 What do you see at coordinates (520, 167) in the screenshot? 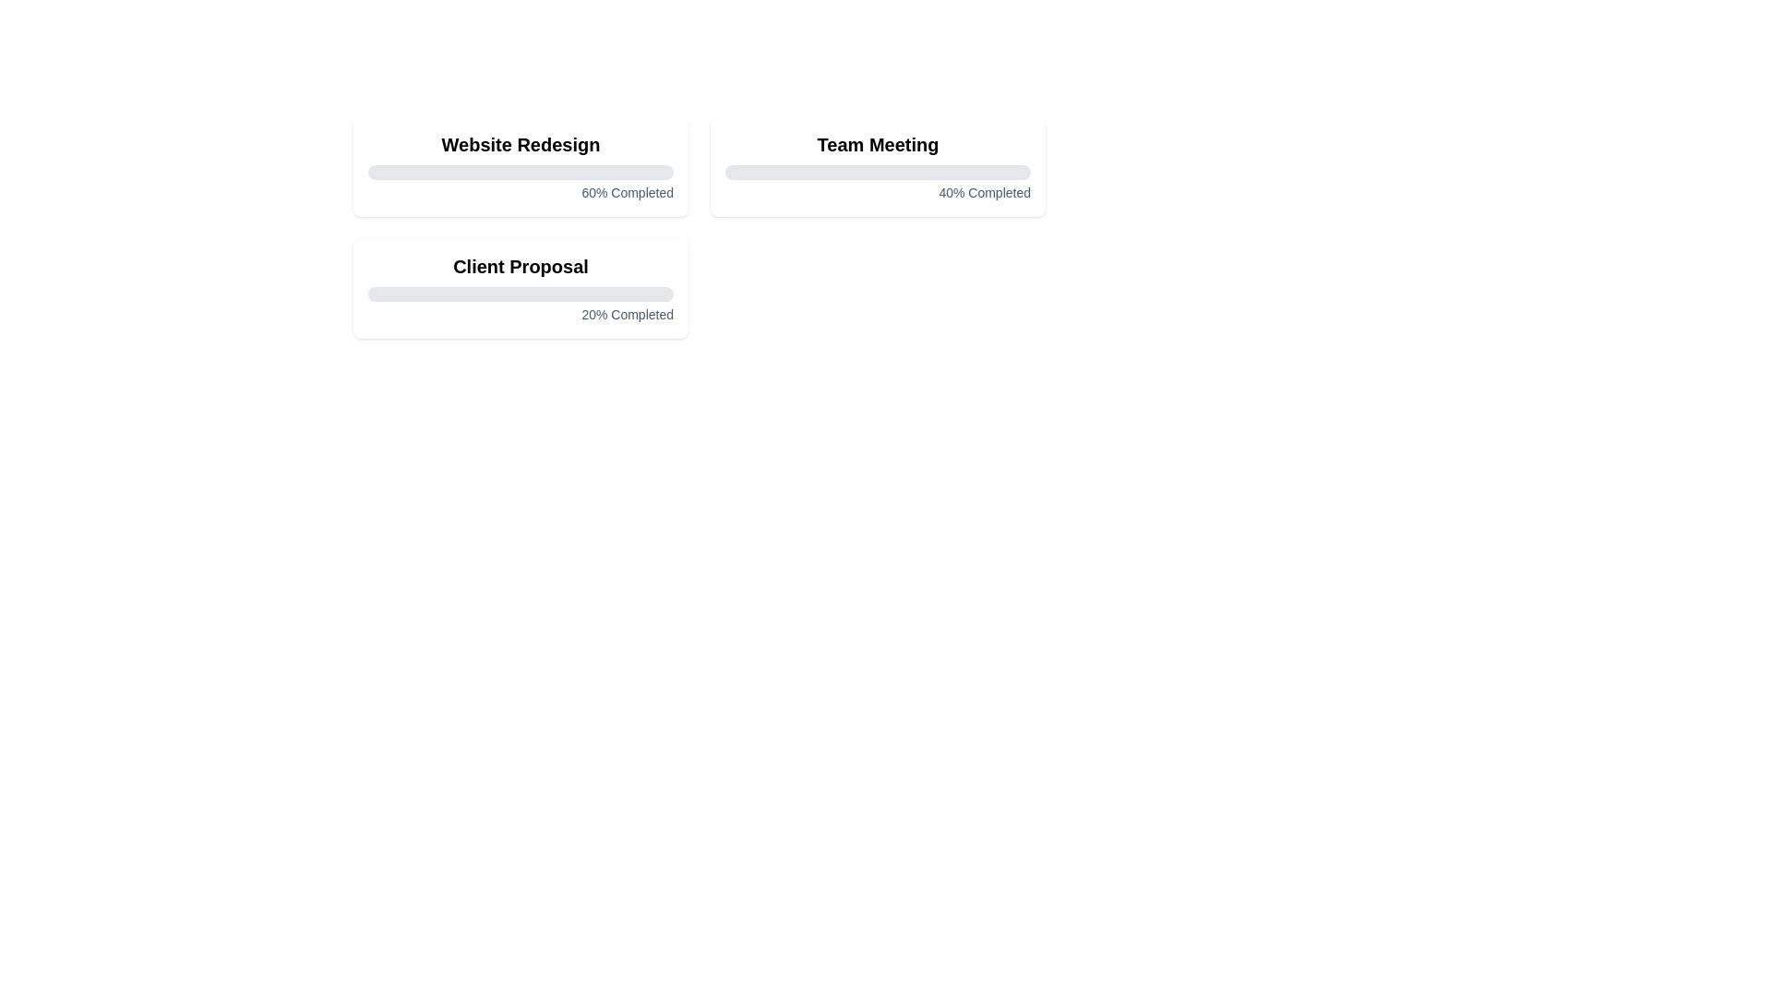
I see `the task card labeled 'Website Redesign'` at bounding box center [520, 167].